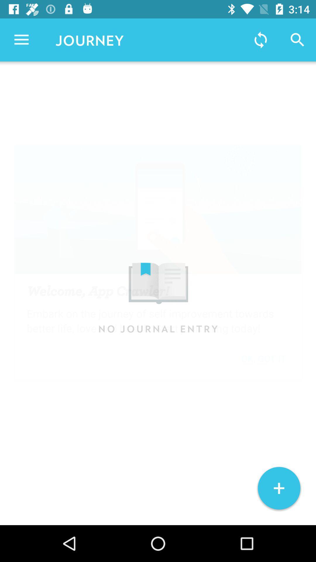 The width and height of the screenshot is (316, 562). Describe the element at coordinates (279, 488) in the screenshot. I see `the + icon` at that location.